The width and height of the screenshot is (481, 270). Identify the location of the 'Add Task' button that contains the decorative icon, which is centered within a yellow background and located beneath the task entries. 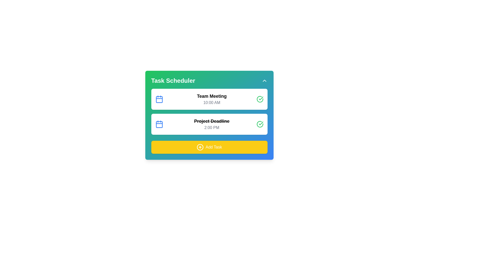
(200, 147).